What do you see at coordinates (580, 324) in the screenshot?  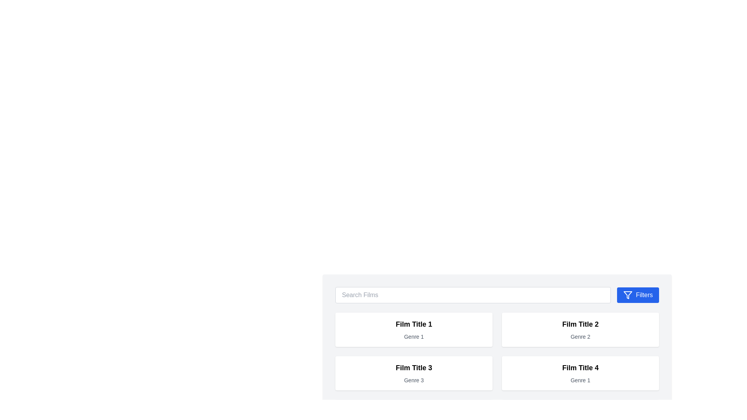 I see `the bold text label 'Film Title 2' located in the top-left of a card-like element with rounded edges in the top-right quadrant of the grid layout` at bounding box center [580, 324].